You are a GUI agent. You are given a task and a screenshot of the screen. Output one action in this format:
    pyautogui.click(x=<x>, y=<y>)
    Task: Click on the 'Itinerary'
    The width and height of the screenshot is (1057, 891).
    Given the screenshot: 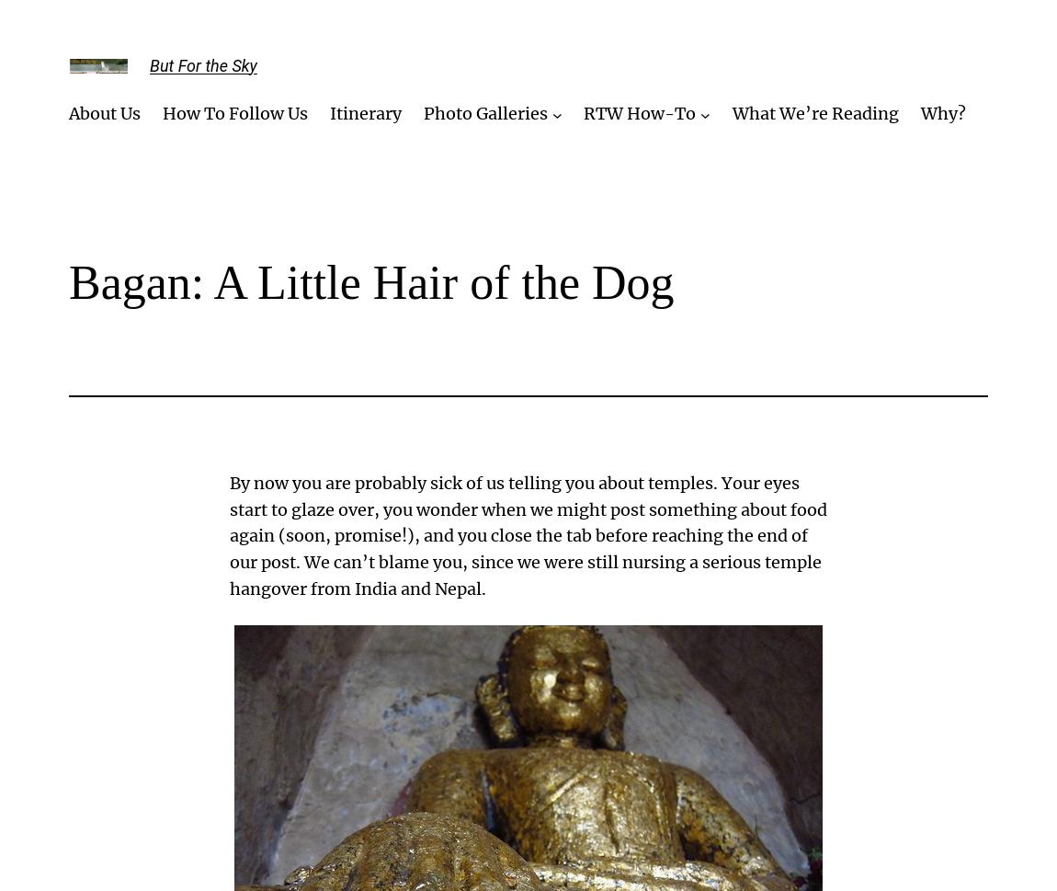 What is the action you would take?
    pyautogui.click(x=330, y=113)
    